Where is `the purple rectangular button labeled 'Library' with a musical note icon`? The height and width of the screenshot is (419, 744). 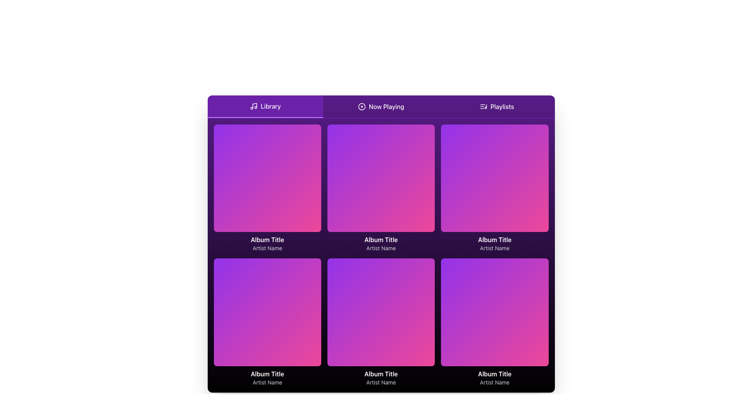
the purple rectangular button labeled 'Library' with a musical note icon is located at coordinates (265, 106).